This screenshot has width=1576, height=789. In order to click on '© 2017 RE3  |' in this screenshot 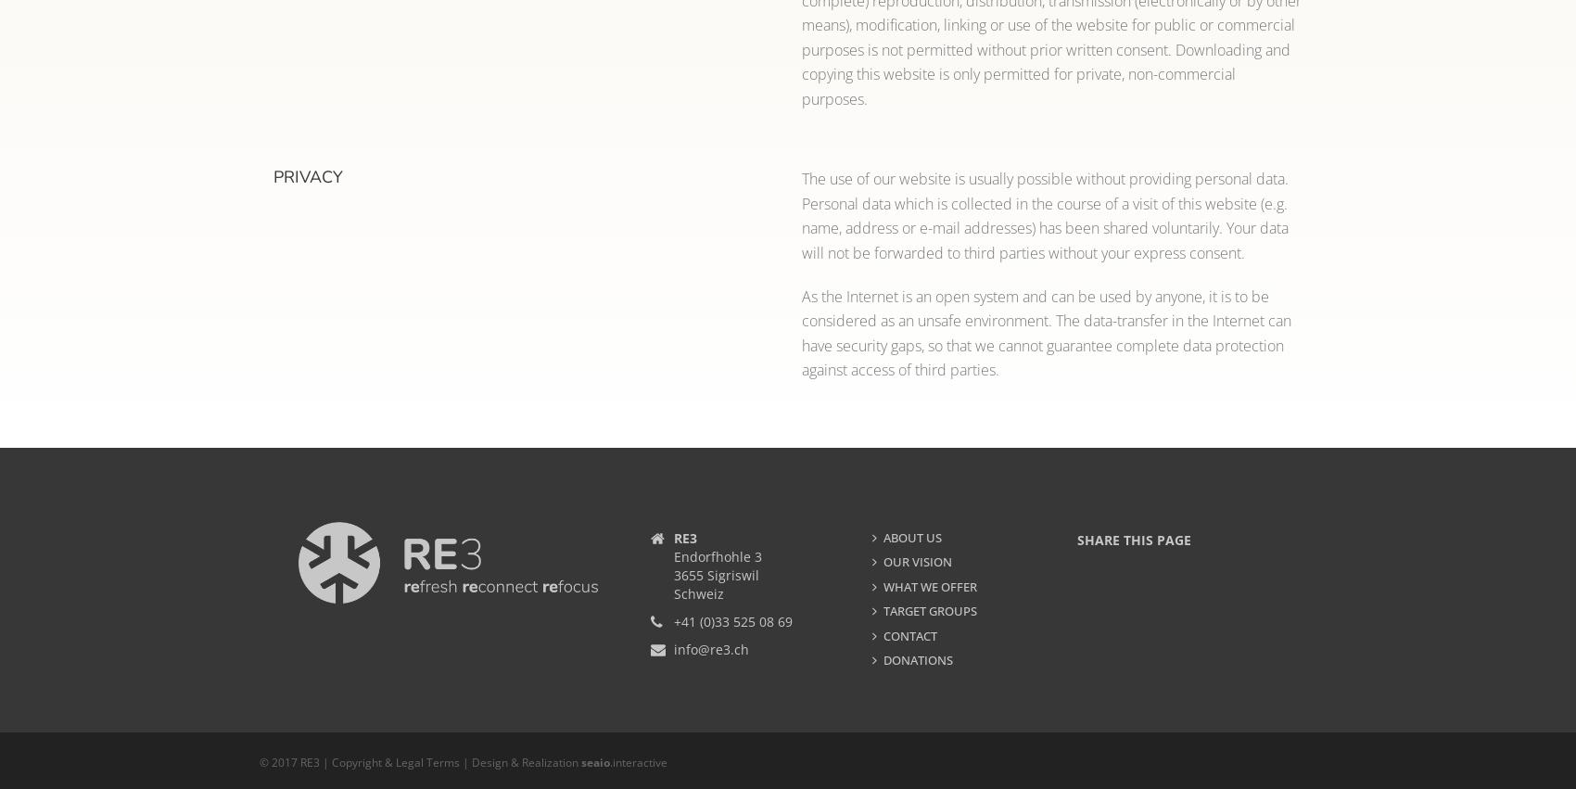, I will do `click(295, 762)`.